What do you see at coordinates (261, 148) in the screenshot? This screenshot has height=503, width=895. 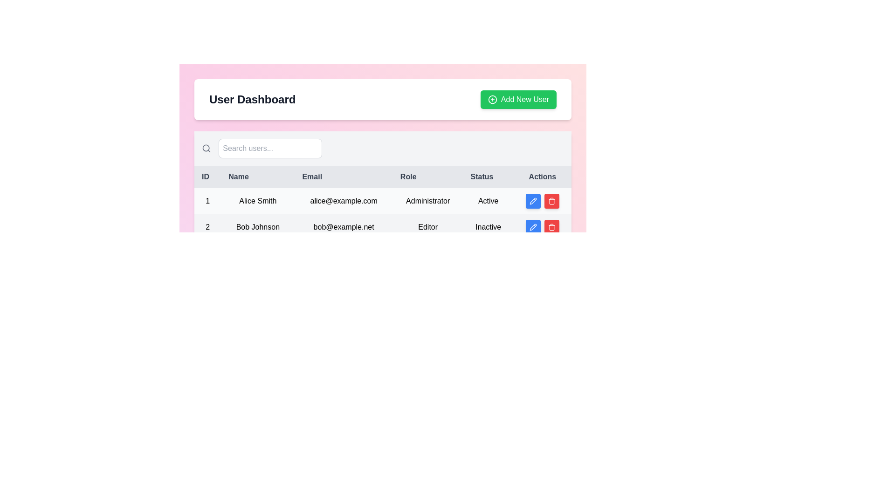 I see `the Text input field for searching users, which has a placeholder text 'Search users...' and is located in the User Dashboard header section` at bounding box center [261, 148].